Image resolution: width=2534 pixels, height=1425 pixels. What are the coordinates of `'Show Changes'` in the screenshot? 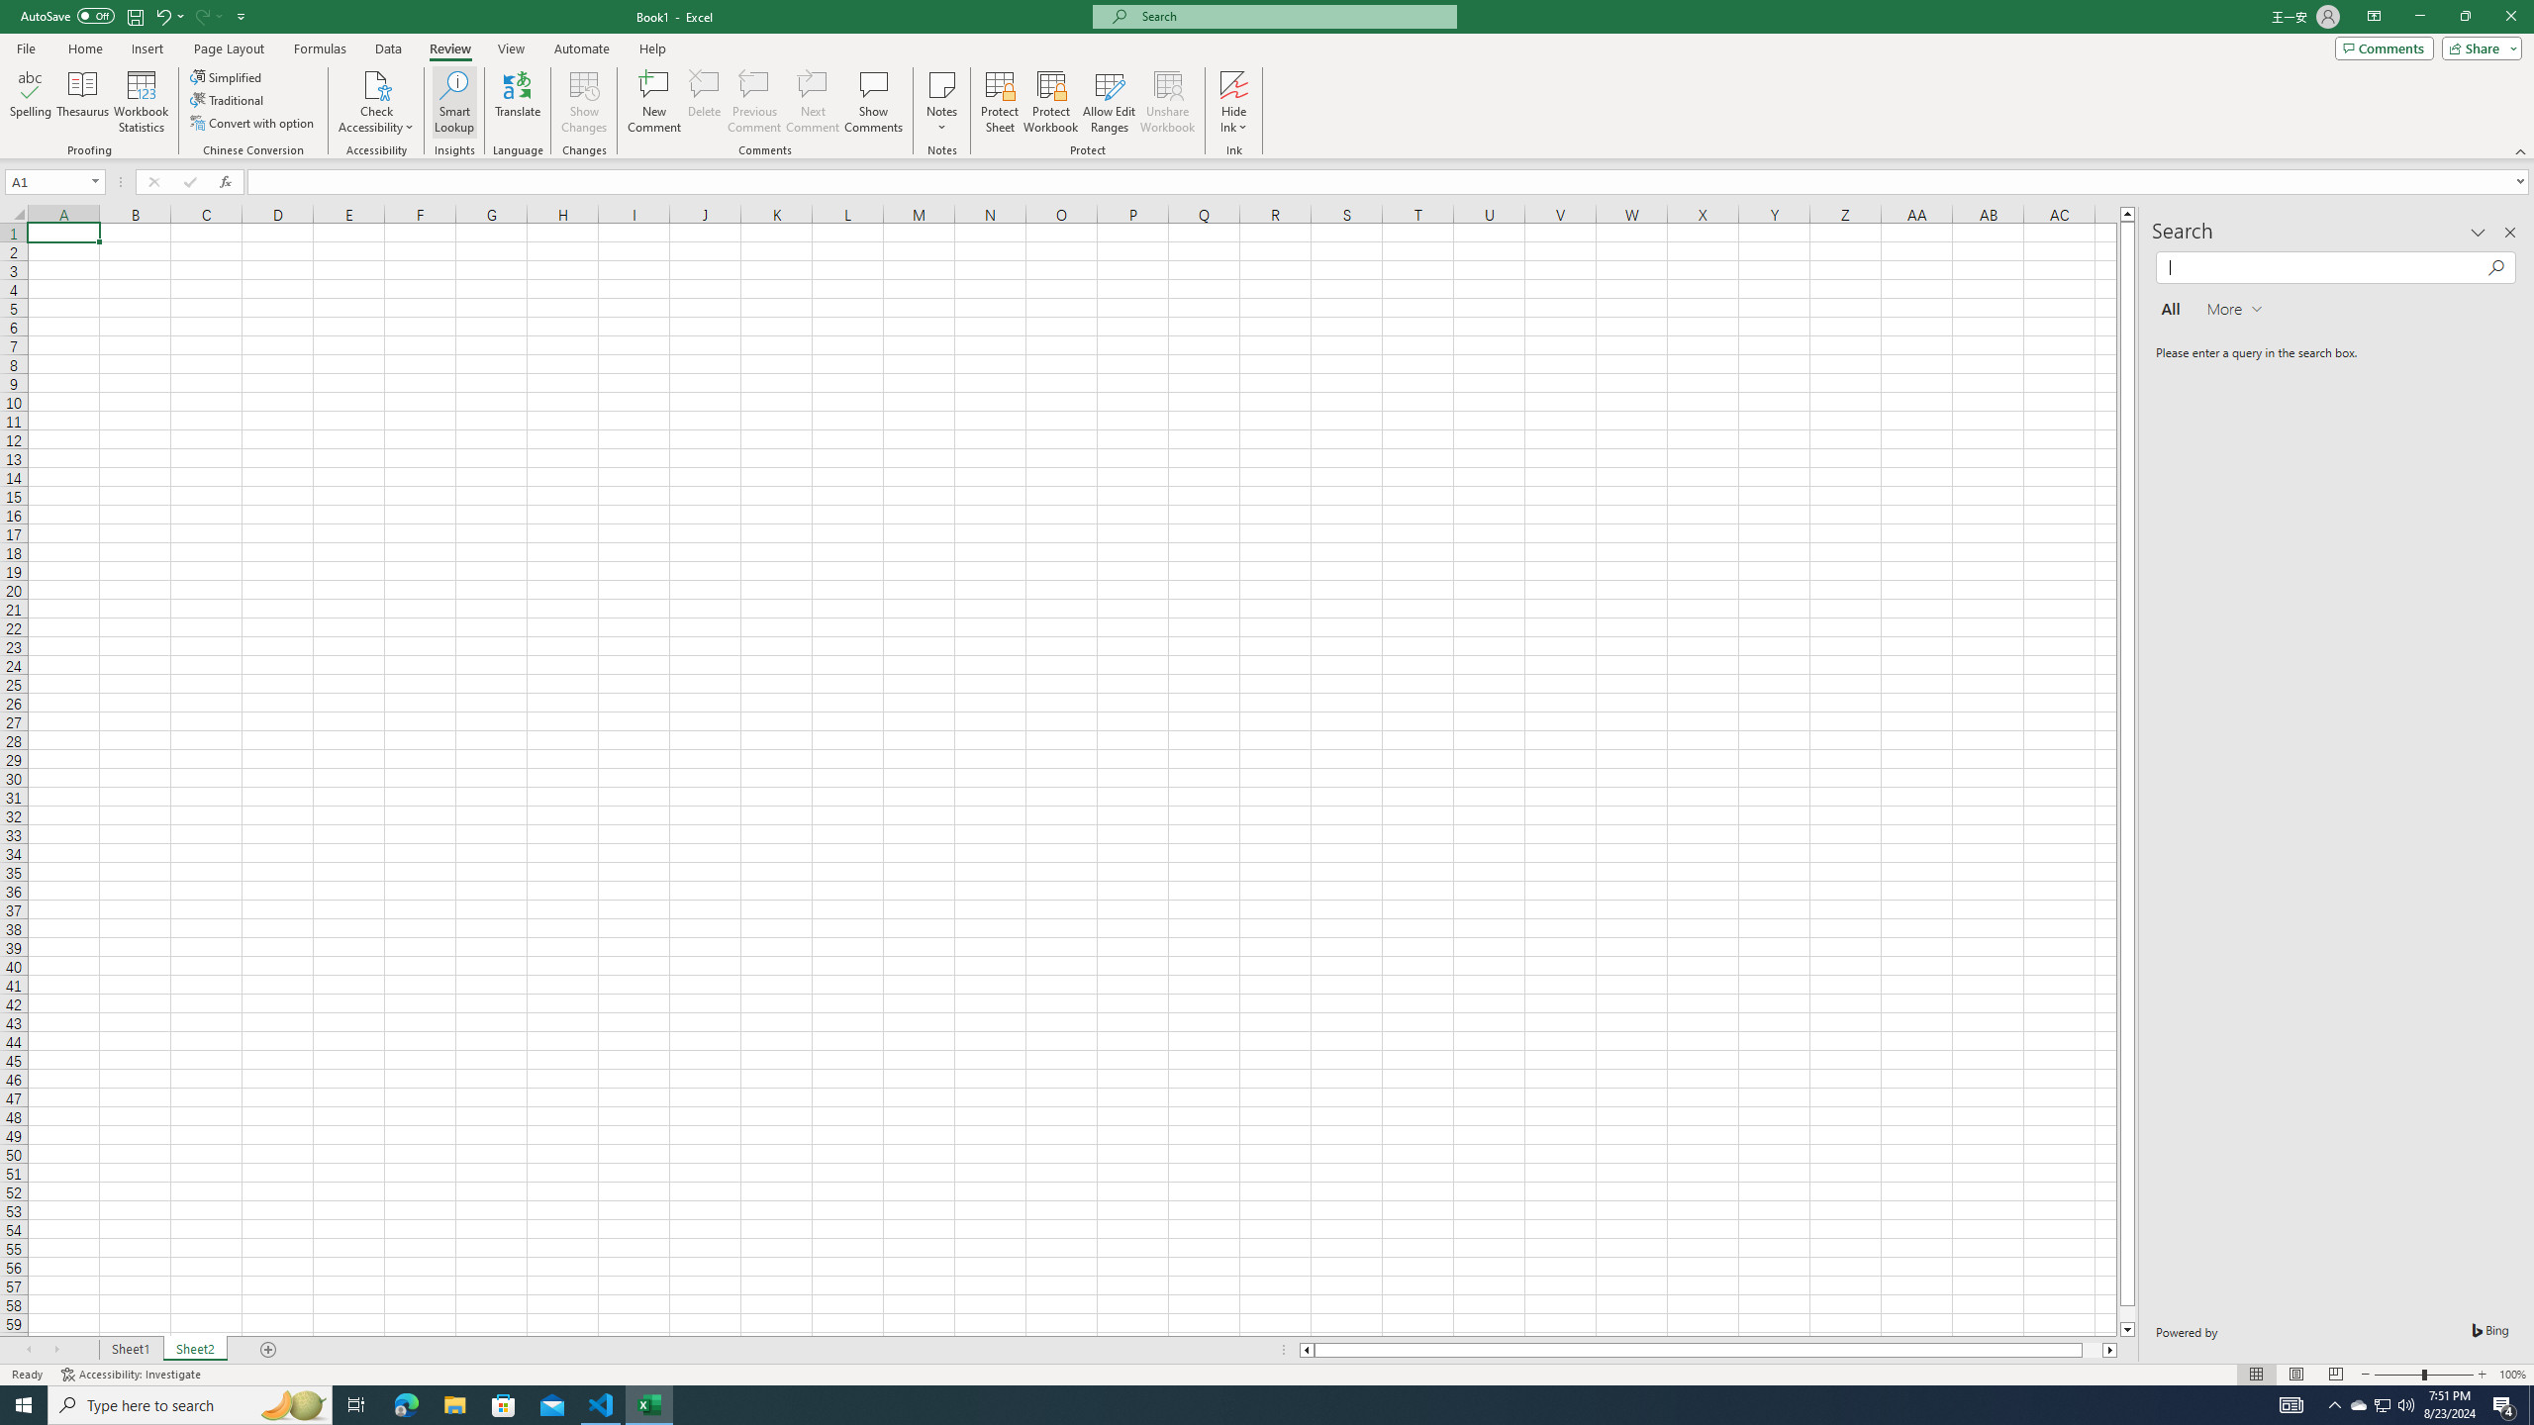 It's located at (585, 102).